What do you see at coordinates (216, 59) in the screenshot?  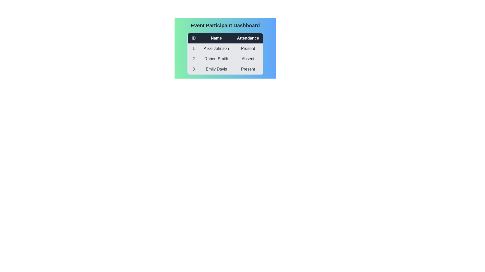 I see `text displayed in the Text Label that shows 'Robert Smith', which is centrally aligned within its cell in the second row of the table under the 'Name' column` at bounding box center [216, 59].